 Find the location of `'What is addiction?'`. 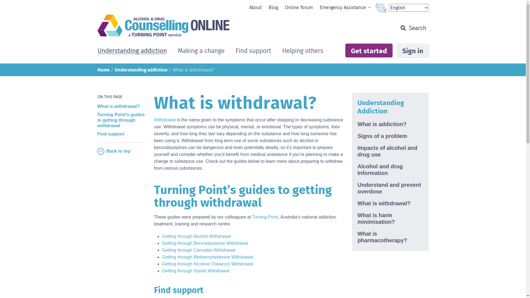

'What is addiction?' is located at coordinates (357, 123).